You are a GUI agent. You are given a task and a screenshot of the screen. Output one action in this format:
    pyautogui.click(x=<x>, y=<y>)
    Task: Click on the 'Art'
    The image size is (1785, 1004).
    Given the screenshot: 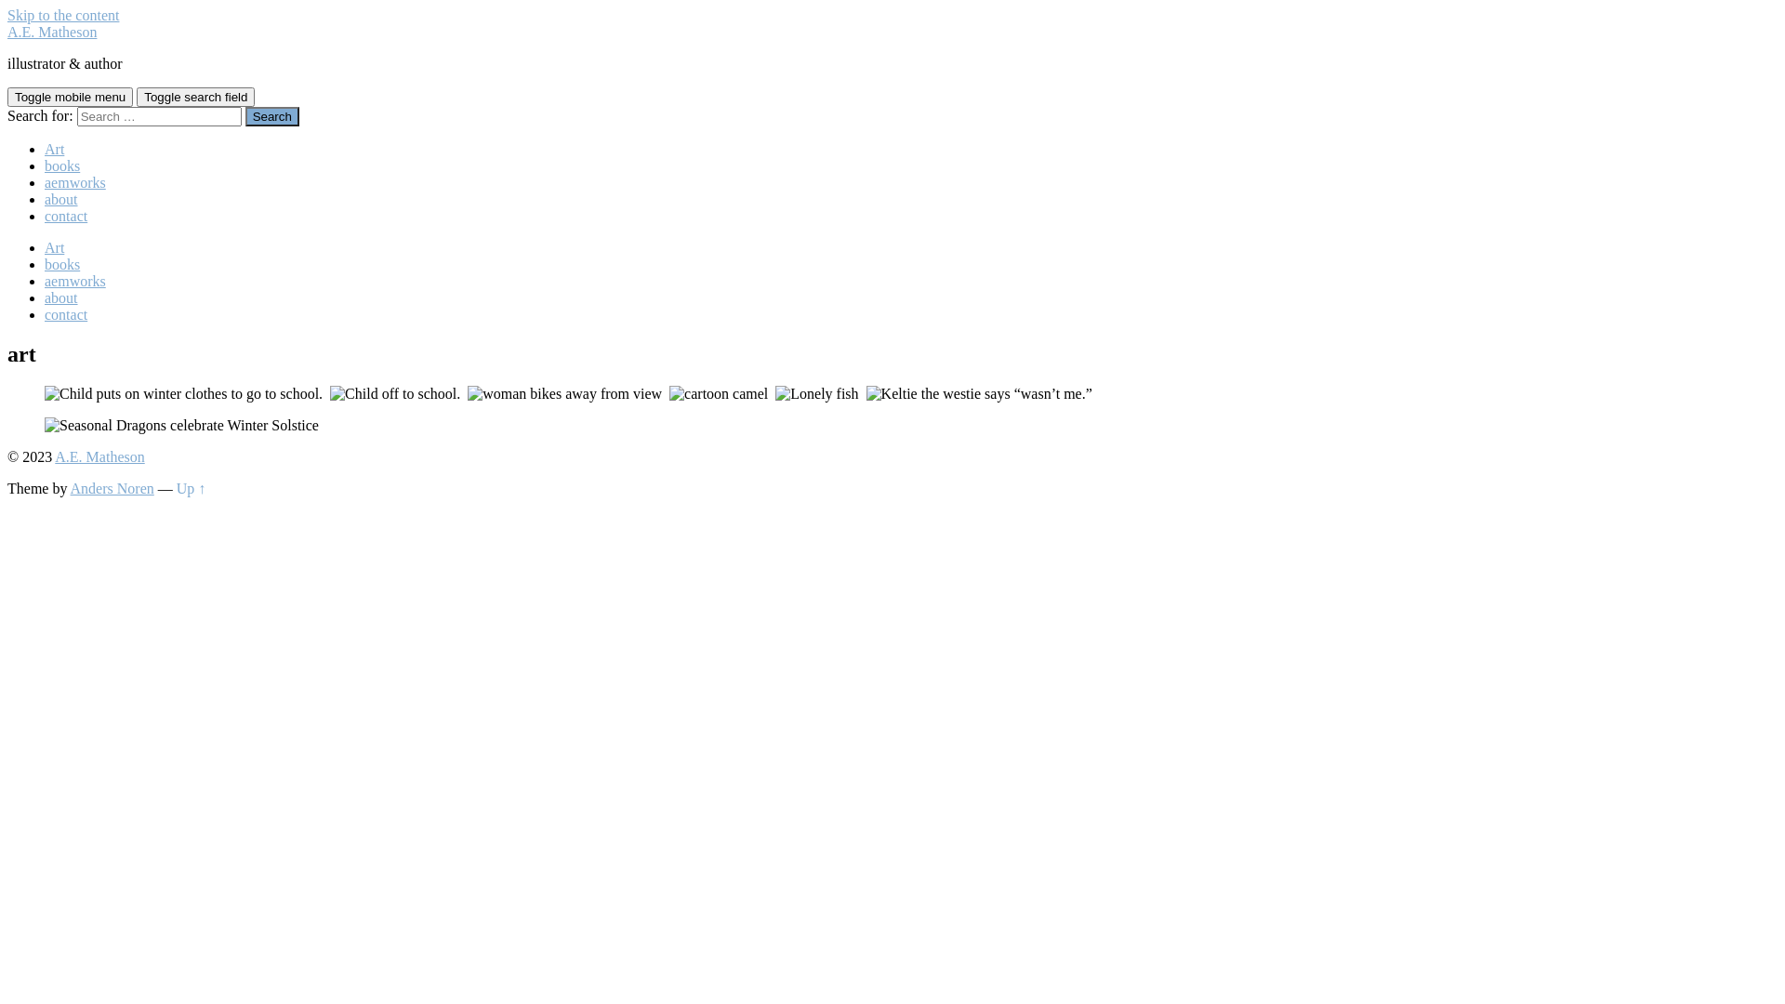 What is the action you would take?
    pyautogui.click(x=54, y=246)
    